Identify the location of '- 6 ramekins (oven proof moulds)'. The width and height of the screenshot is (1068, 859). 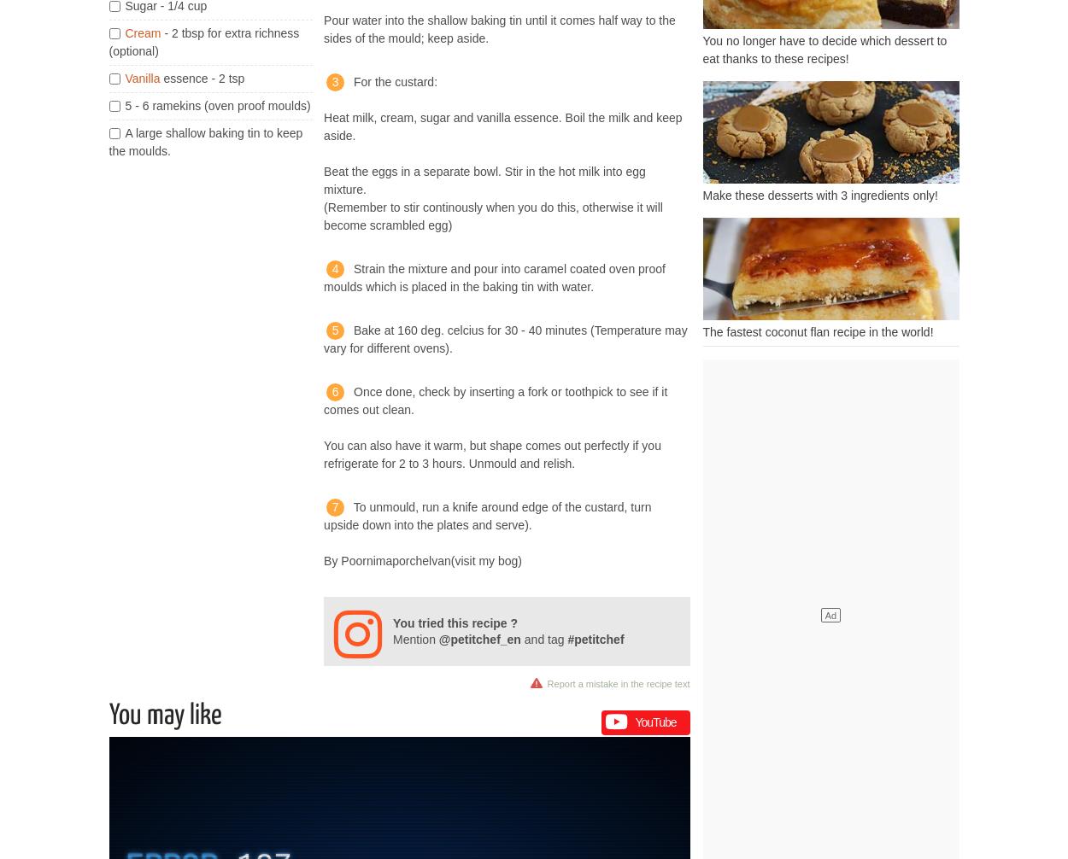
(132, 105).